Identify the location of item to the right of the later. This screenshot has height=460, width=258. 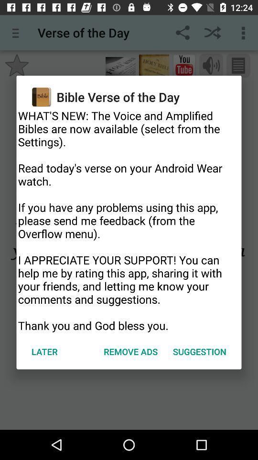
(130, 351).